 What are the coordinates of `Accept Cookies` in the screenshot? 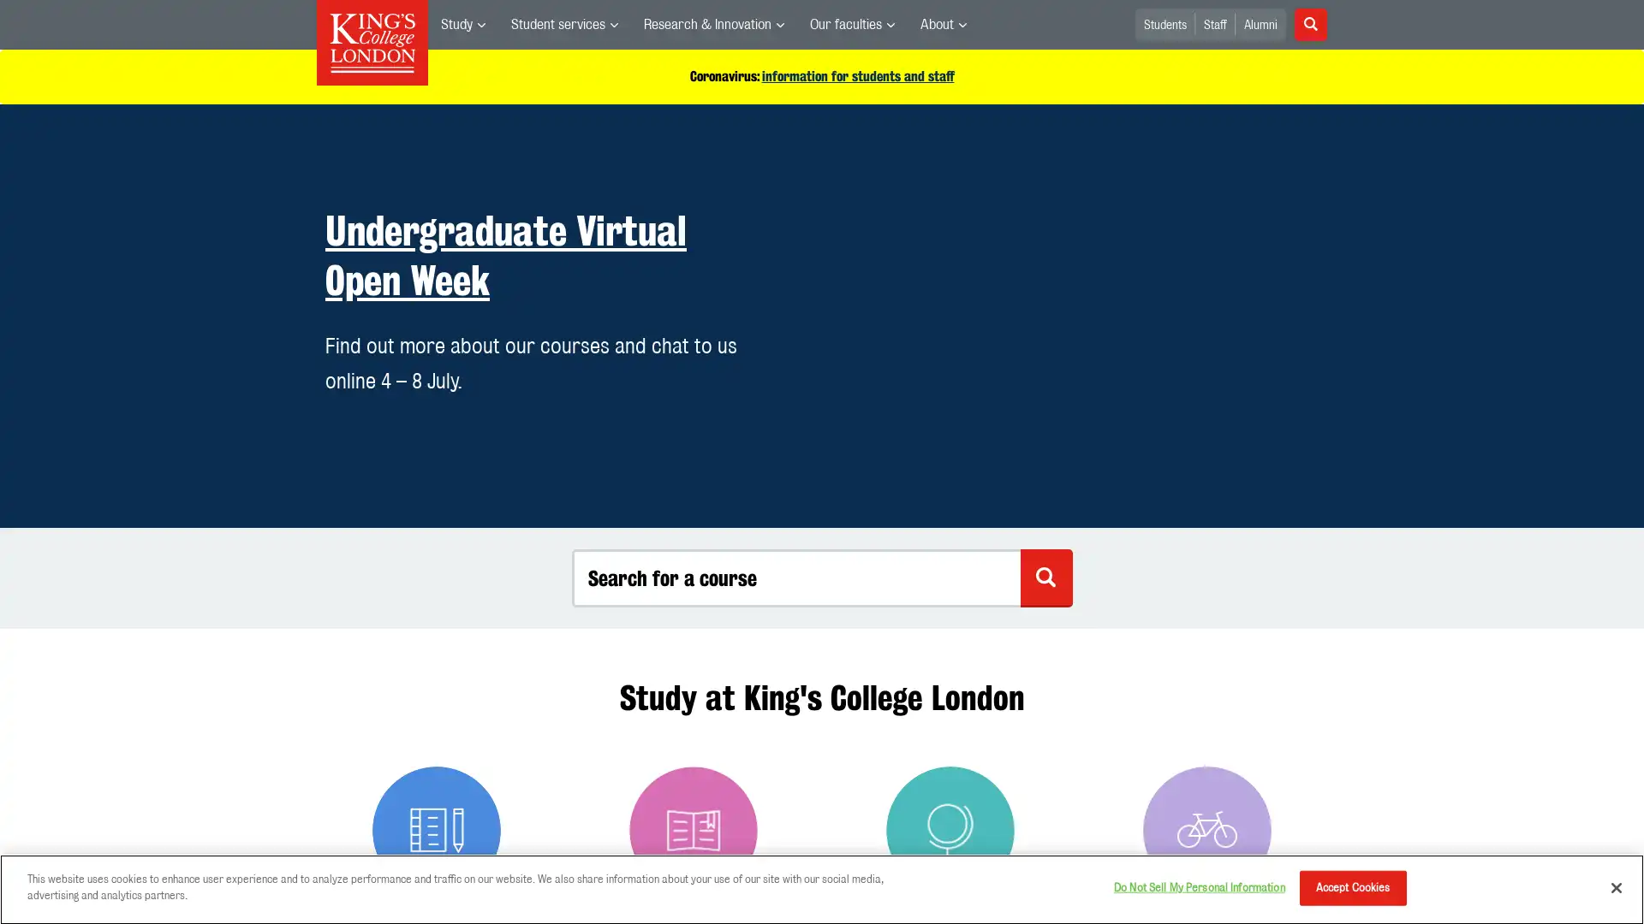 It's located at (1351, 886).